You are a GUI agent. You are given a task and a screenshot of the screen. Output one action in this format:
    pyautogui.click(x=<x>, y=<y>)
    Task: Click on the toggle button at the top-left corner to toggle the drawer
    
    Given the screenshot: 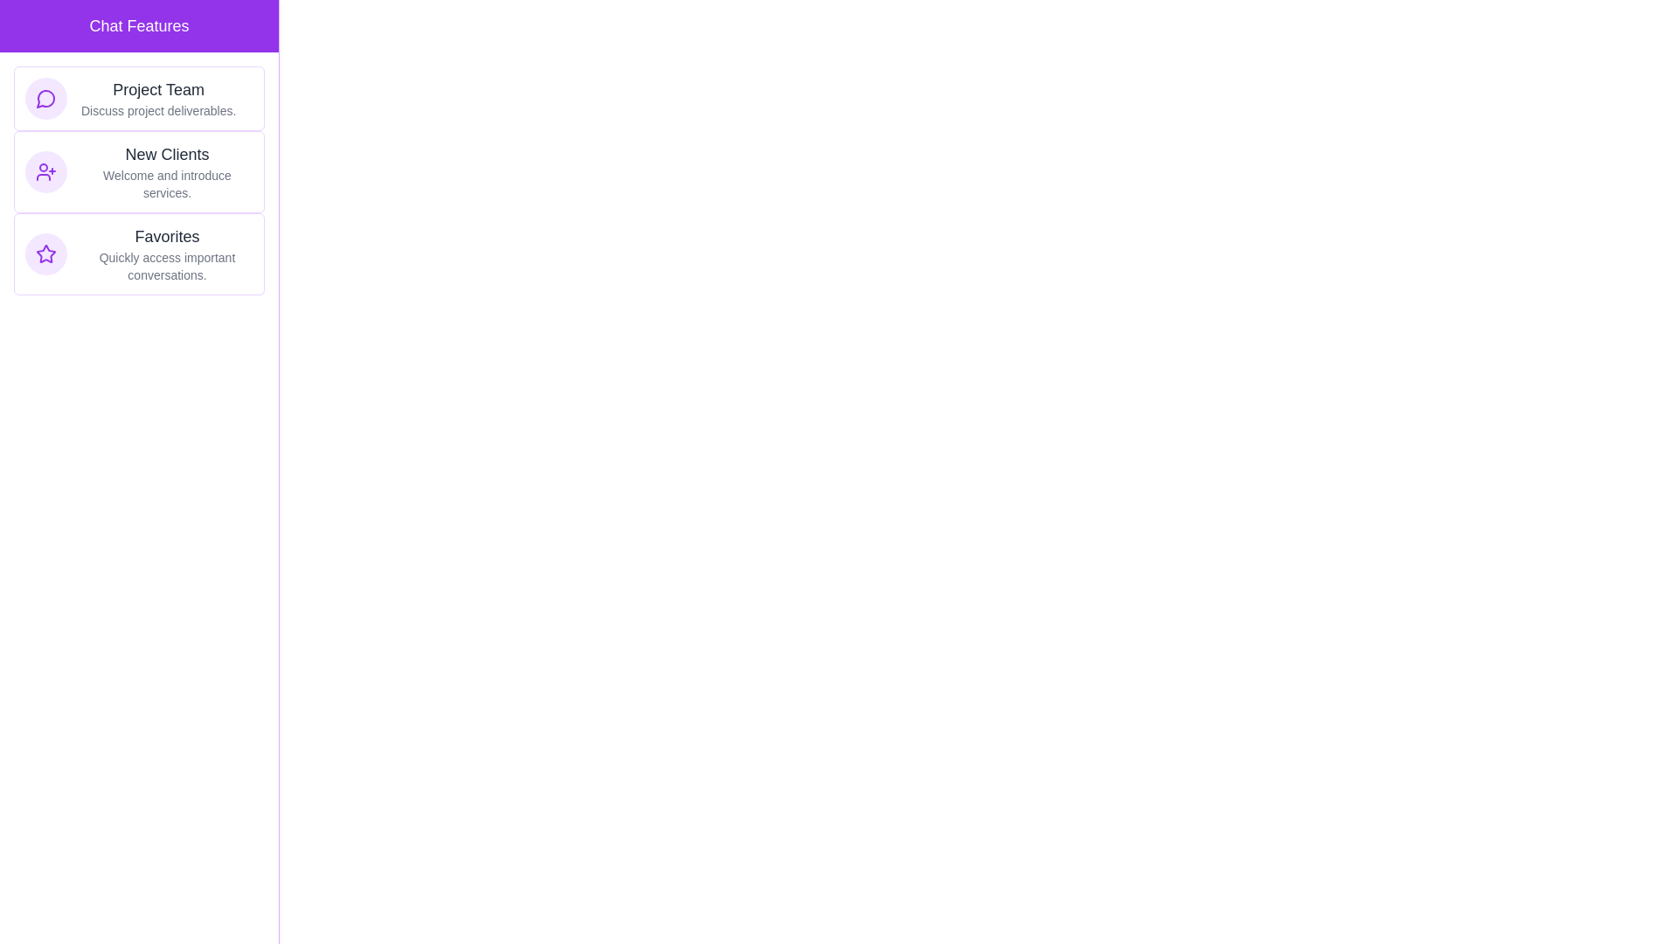 What is the action you would take?
    pyautogui.click(x=34, y=34)
    